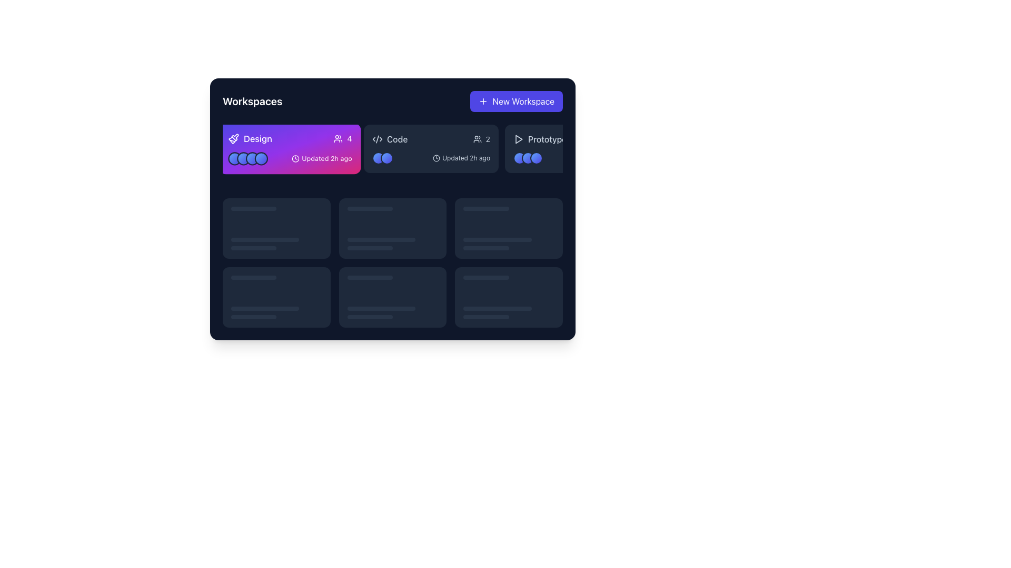  Describe the element at coordinates (536, 158) in the screenshot. I see `the circular icon with a gradient background transitioning from blue to indigo, which is the third icon in a row of three, located under the 'Prototype' workspace card` at that location.